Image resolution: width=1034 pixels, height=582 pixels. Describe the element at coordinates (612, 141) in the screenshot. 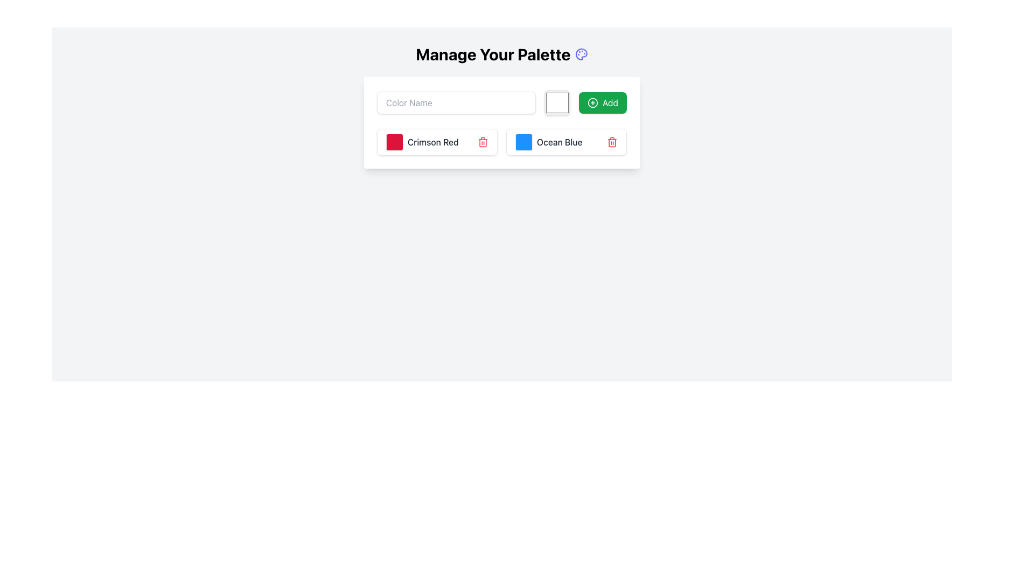

I see `the delete button located to the right of the 'Ocean Blue' entry in the palette list` at that location.